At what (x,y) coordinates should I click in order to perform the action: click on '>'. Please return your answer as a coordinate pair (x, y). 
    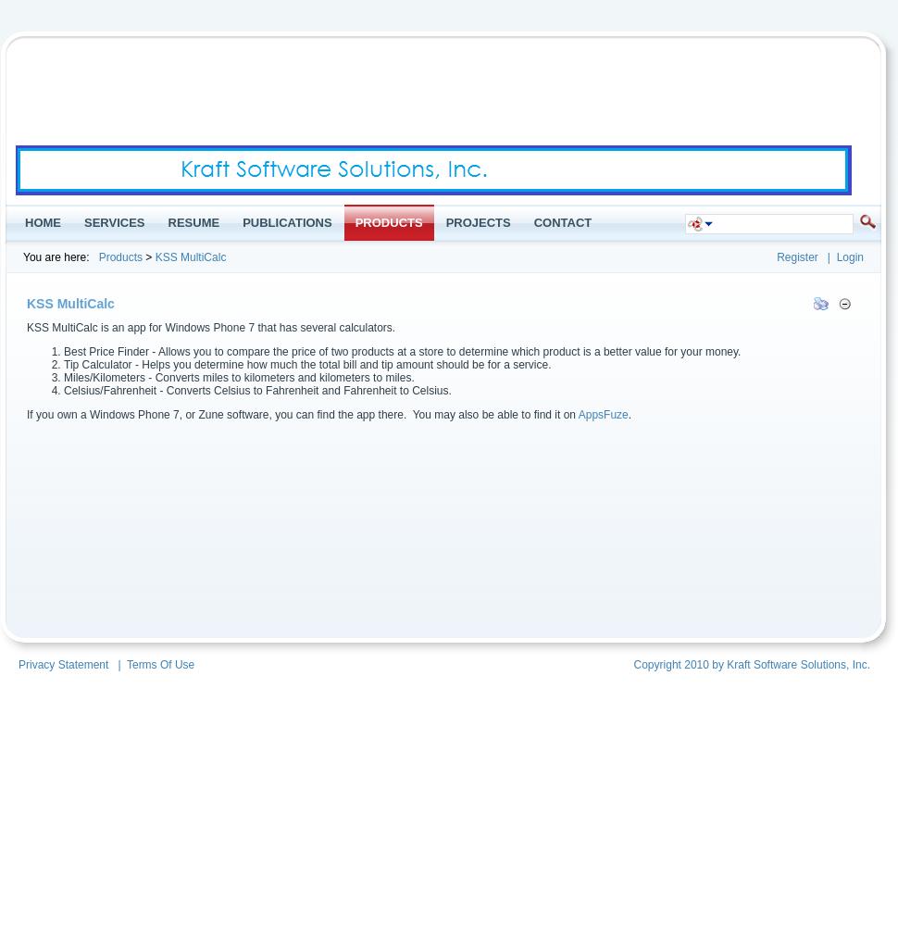
    Looking at the image, I should click on (147, 257).